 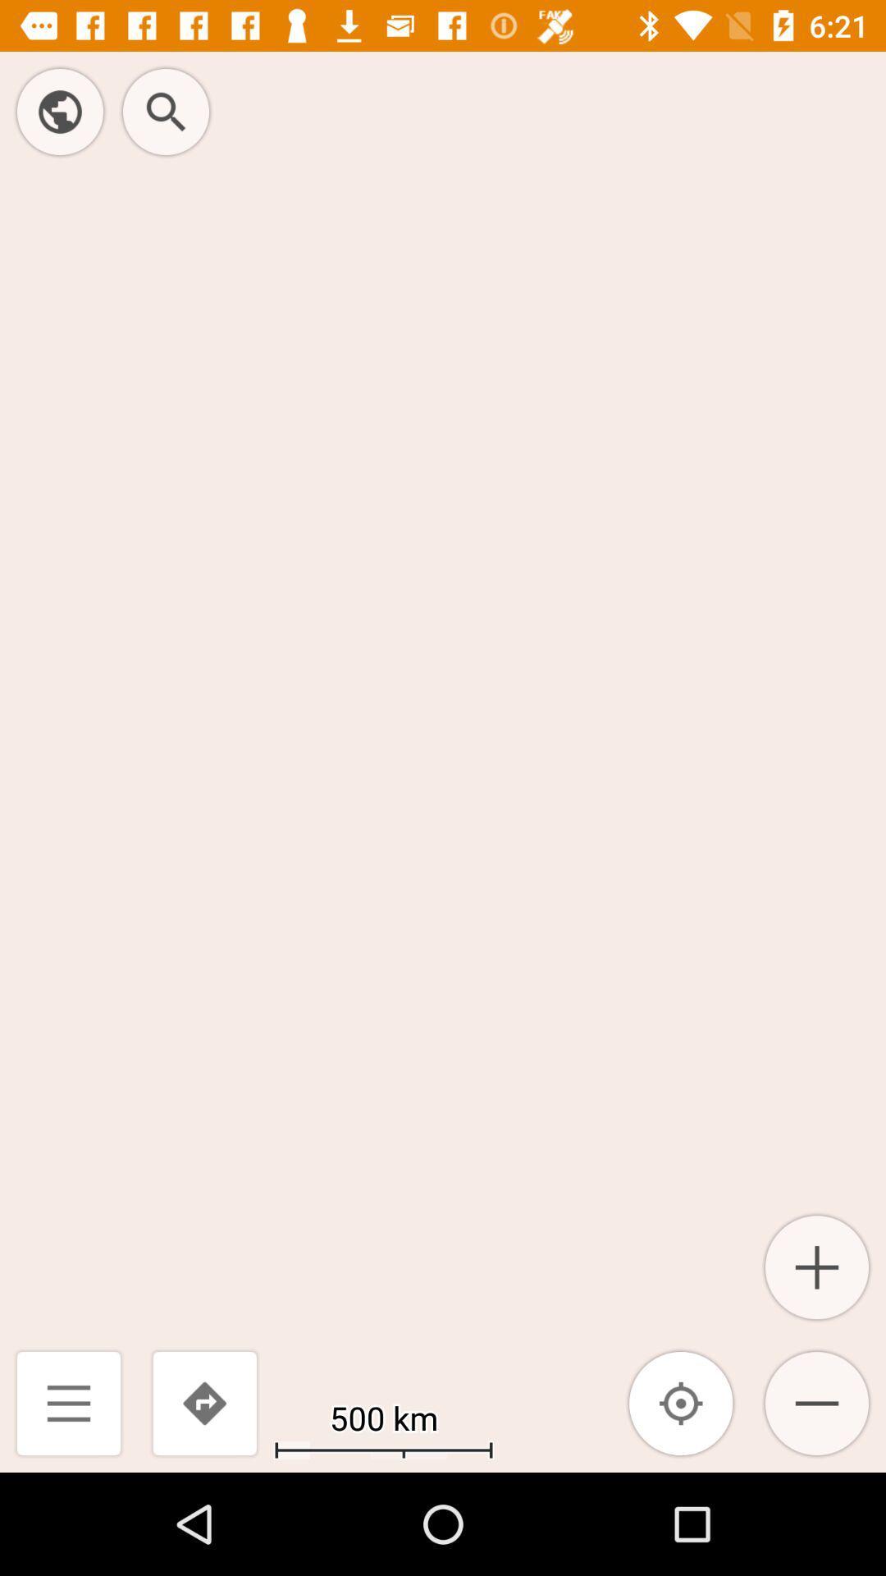 What do you see at coordinates (68, 1402) in the screenshot?
I see `the menu icon` at bounding box center [68, 1402].